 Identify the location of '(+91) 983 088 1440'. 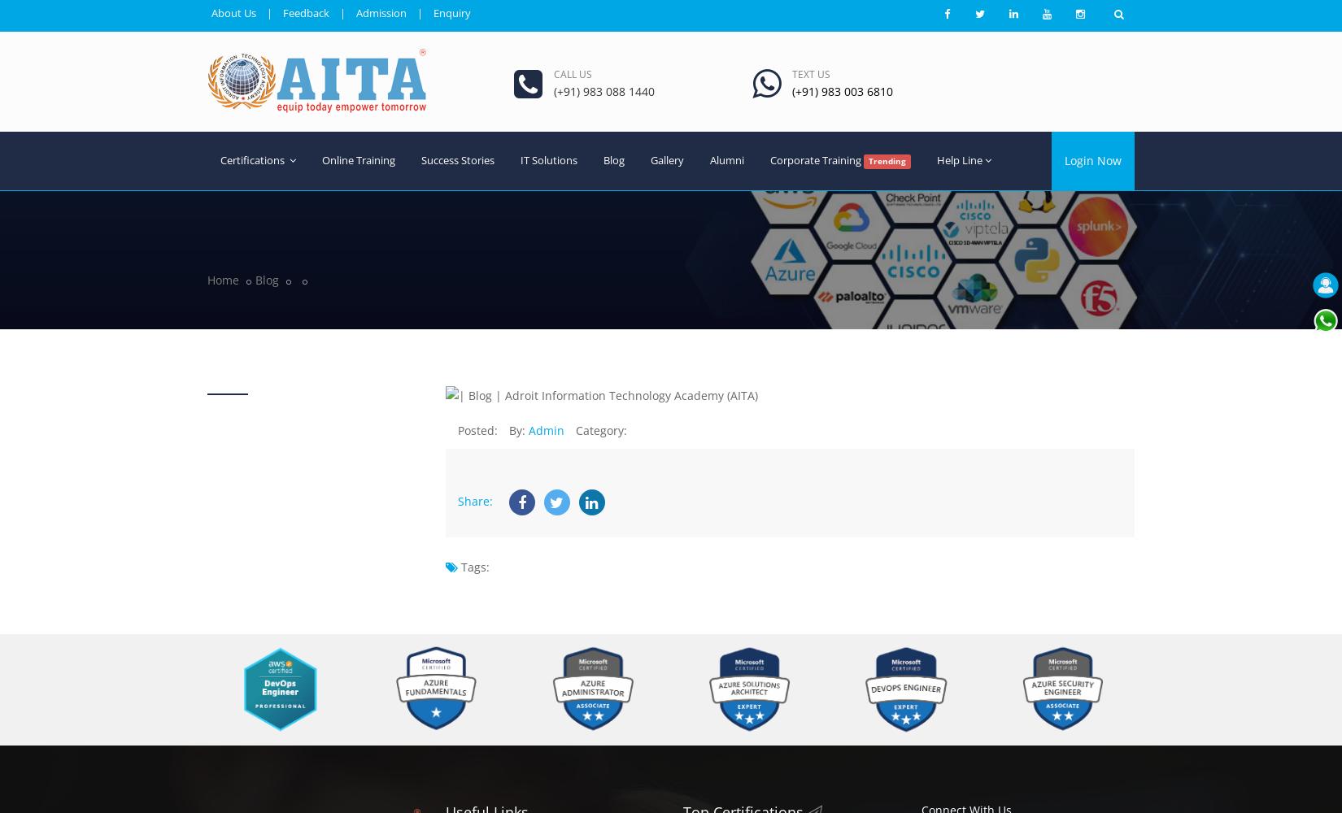
(603, 89).